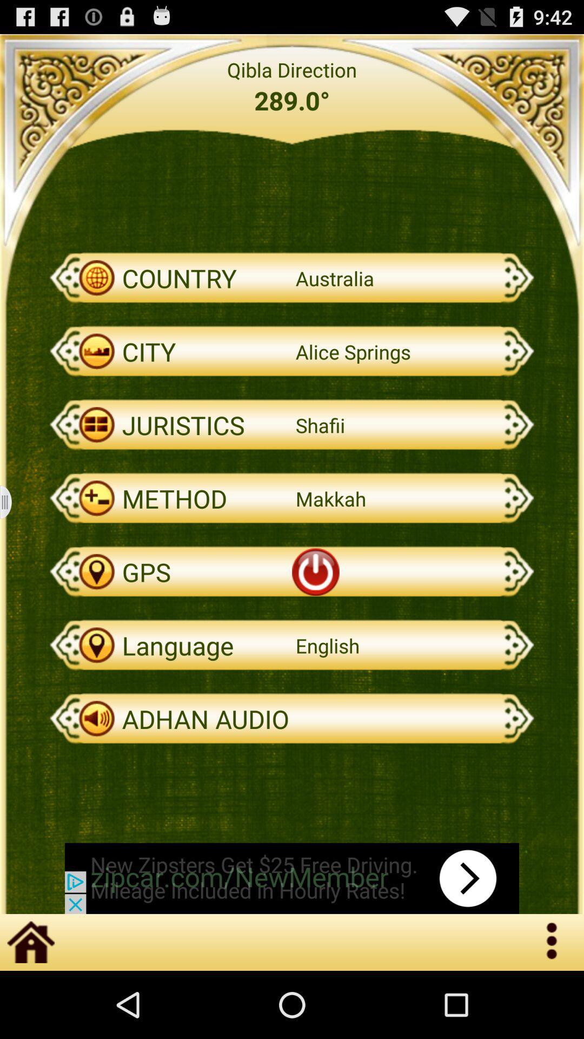 This screenshot has width=584, height=1039. What do you see at coordinates (292, 878) in the screenshot?
I see `advertisement` at bounding box center [292, 878].